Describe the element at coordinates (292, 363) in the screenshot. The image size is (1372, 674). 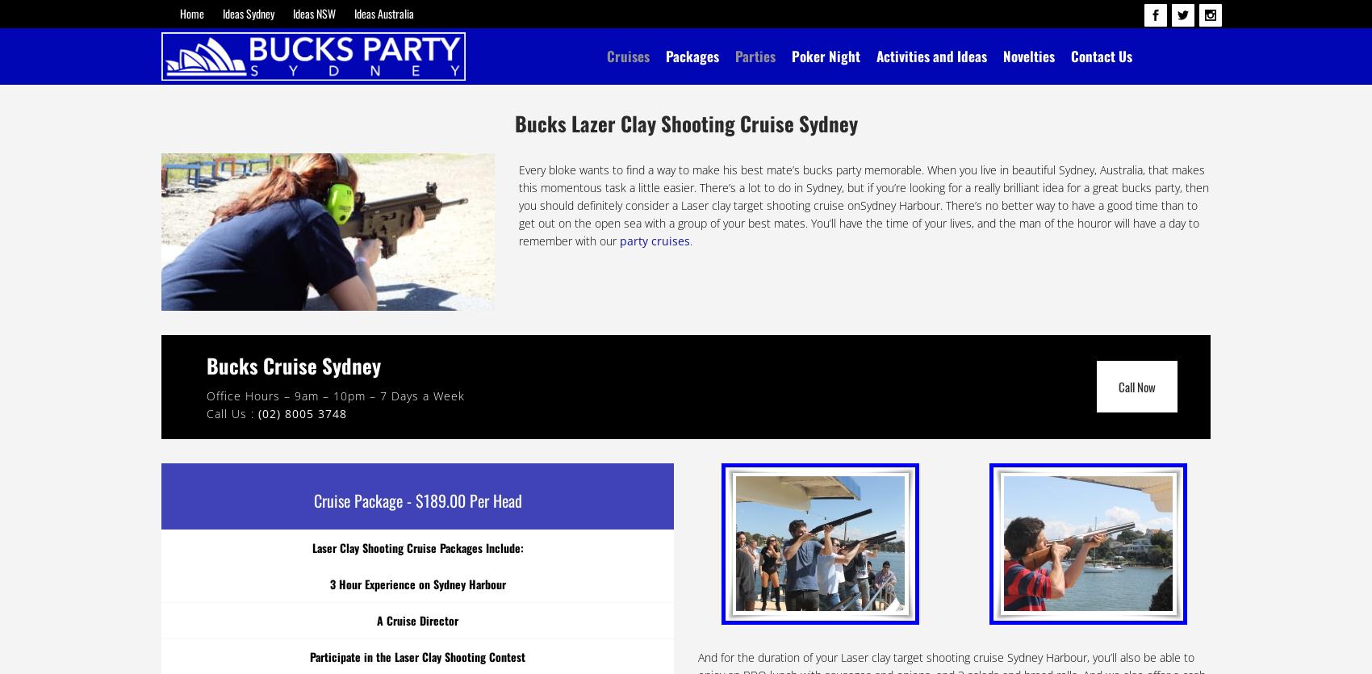
I see `'Bucks Cruise Sydney'` at that location.